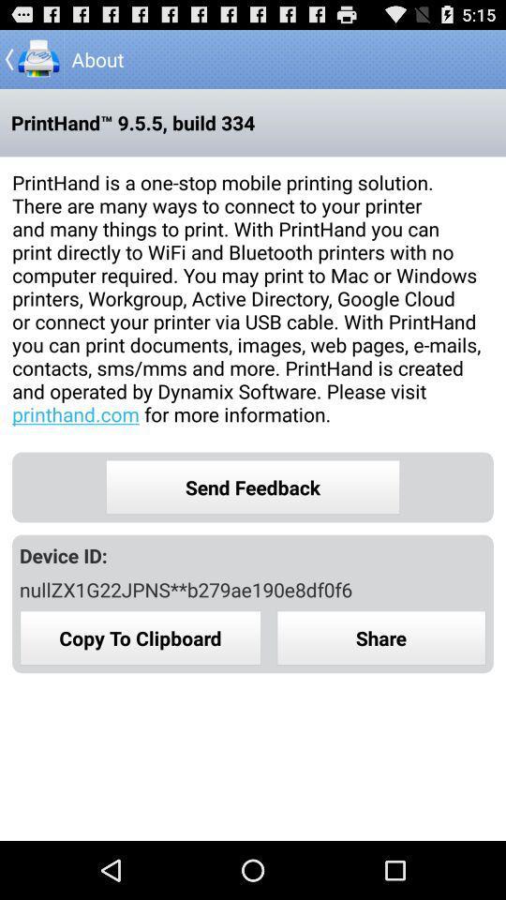  I want to click on share button, so click(380, 637).